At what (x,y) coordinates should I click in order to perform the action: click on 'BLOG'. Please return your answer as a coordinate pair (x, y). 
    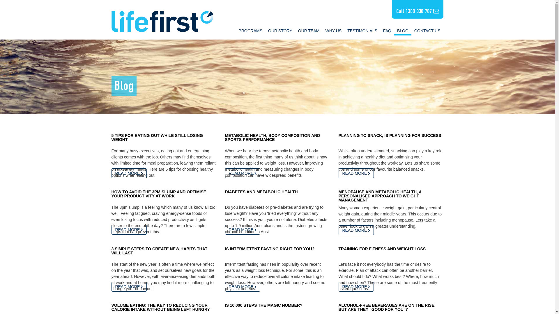
    Looking at the image, I should click on (402, 30).